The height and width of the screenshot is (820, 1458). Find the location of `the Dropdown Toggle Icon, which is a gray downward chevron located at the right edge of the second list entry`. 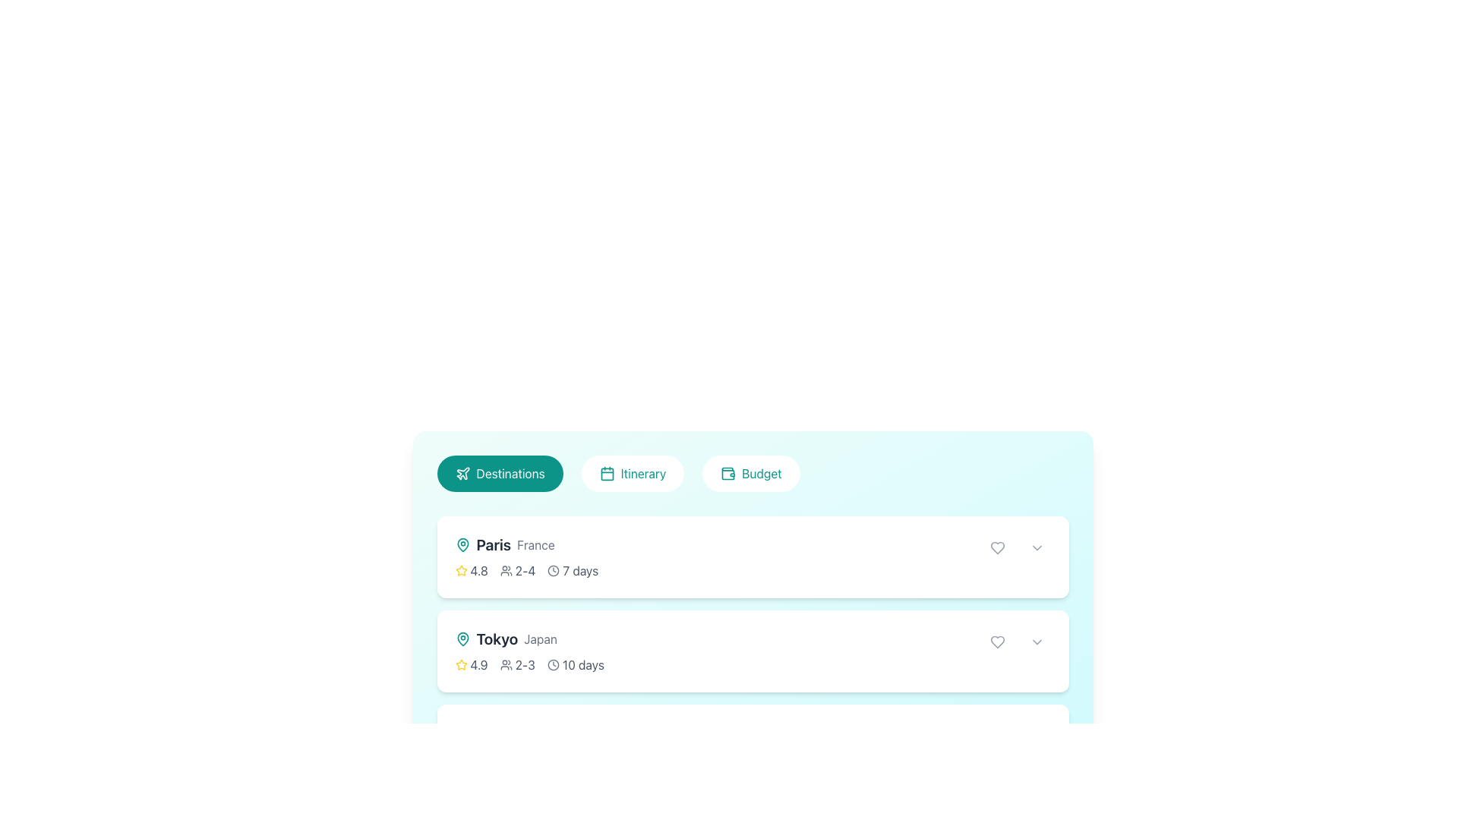

the Dropdown Toggle Icon, which is a gray downward chevron located at the right edge of the second list entry is located at coordinates (1036, 547).